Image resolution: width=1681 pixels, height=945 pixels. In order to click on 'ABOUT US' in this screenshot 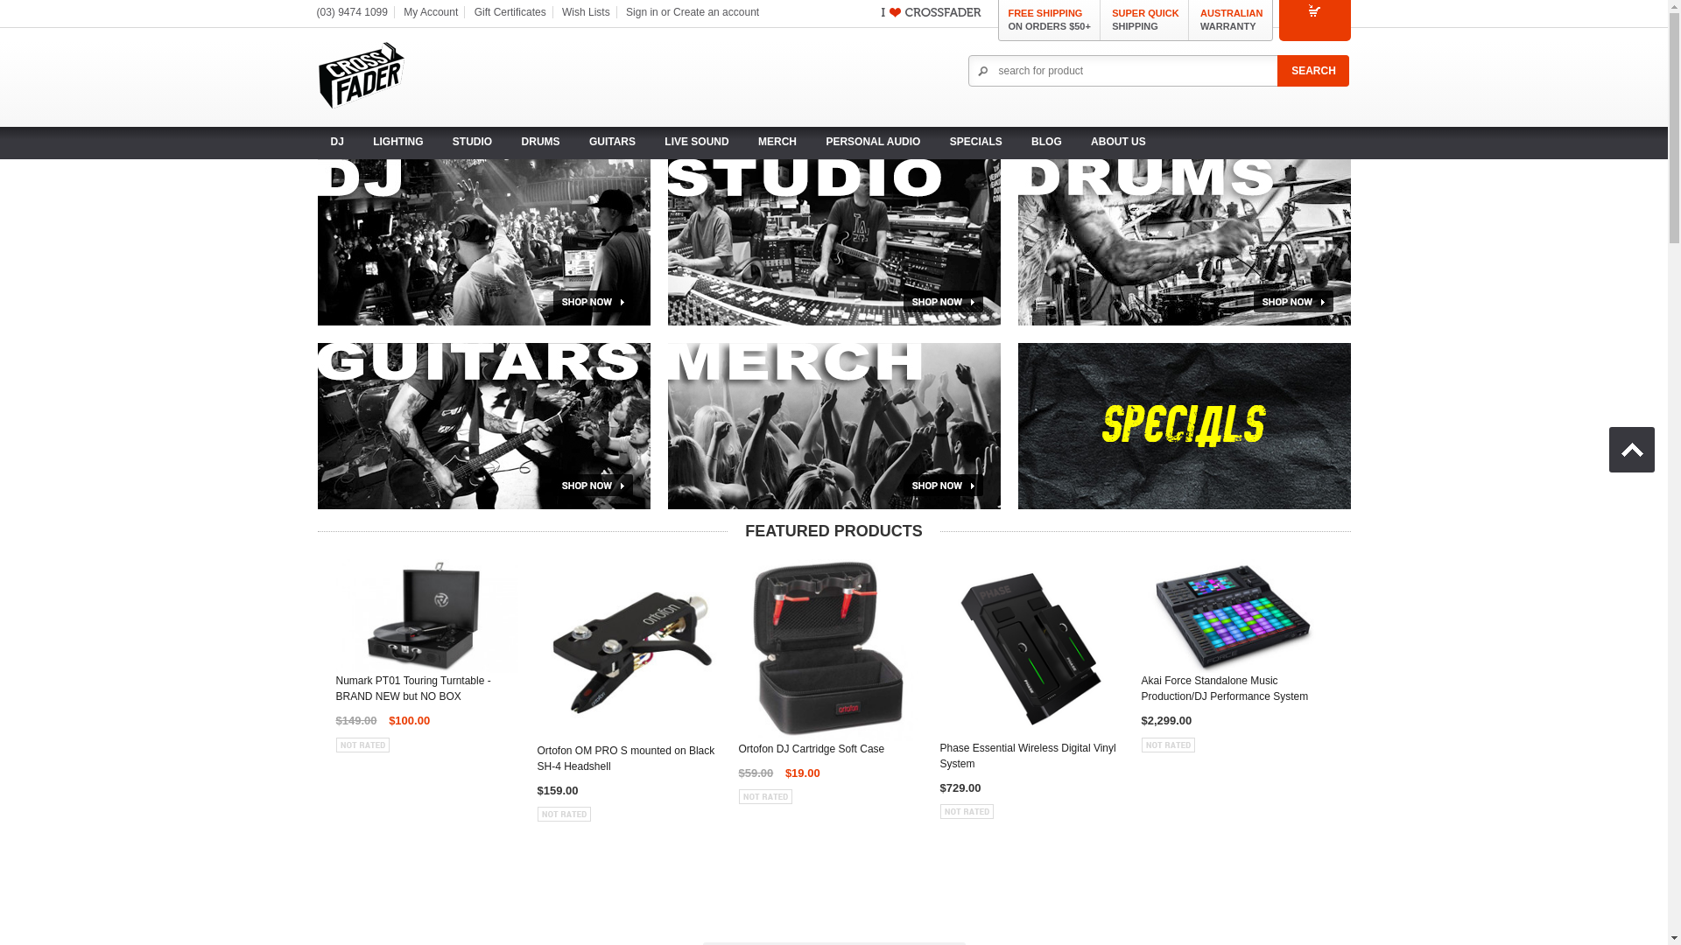, I will do `click(1117, 141)`.